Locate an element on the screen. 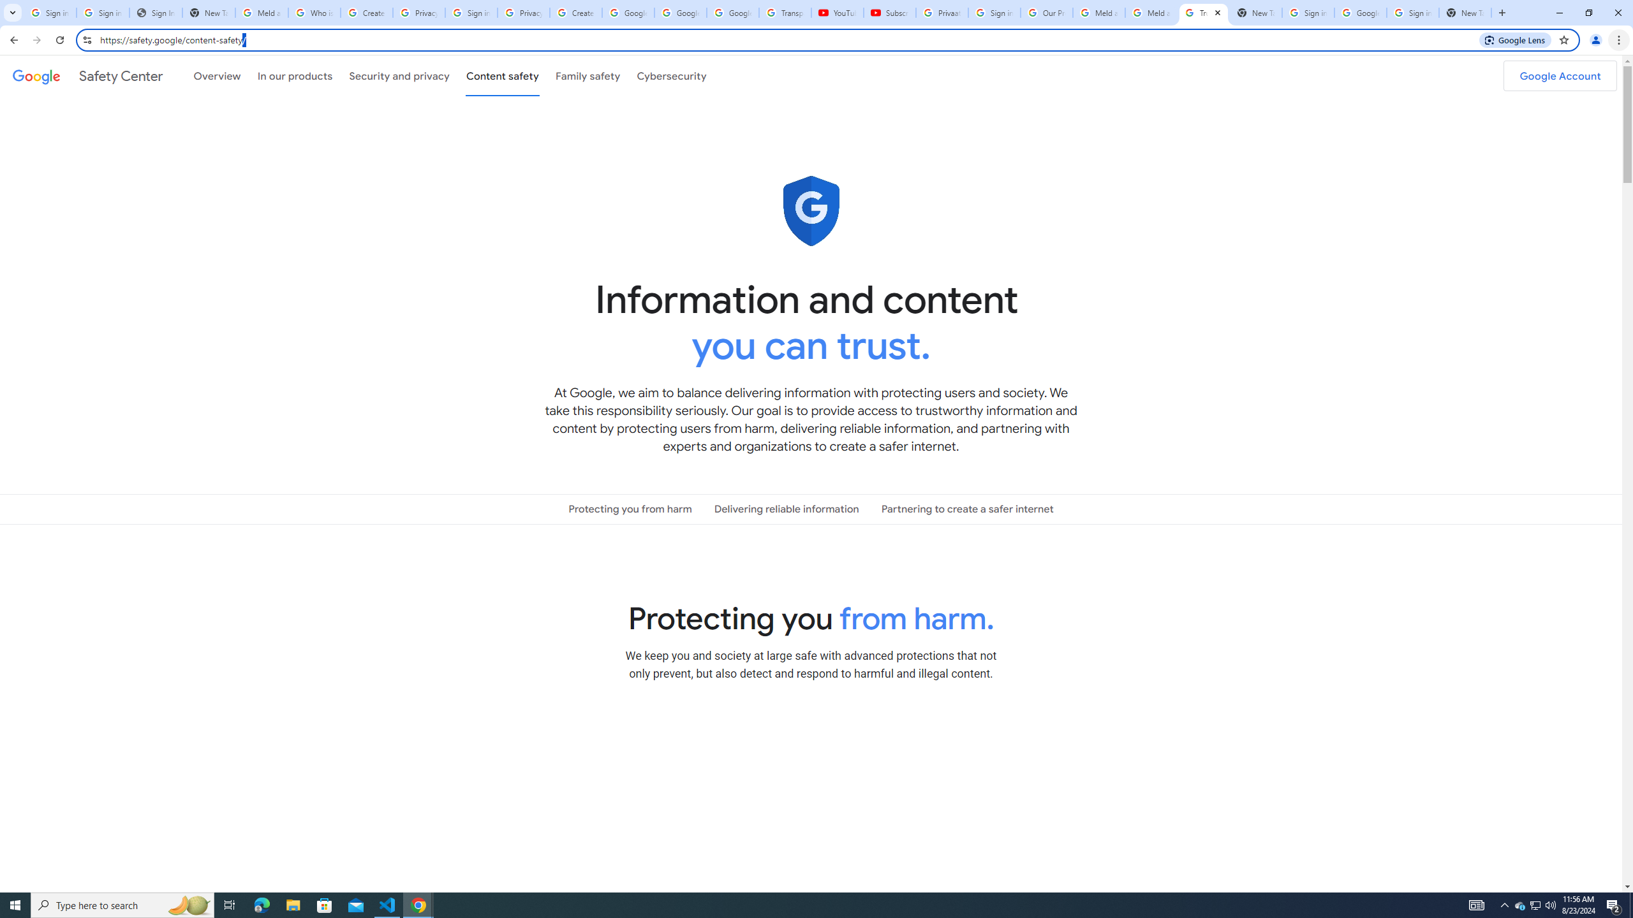  'Sign In - USA TODAY' is located at coordinates (156, 12).